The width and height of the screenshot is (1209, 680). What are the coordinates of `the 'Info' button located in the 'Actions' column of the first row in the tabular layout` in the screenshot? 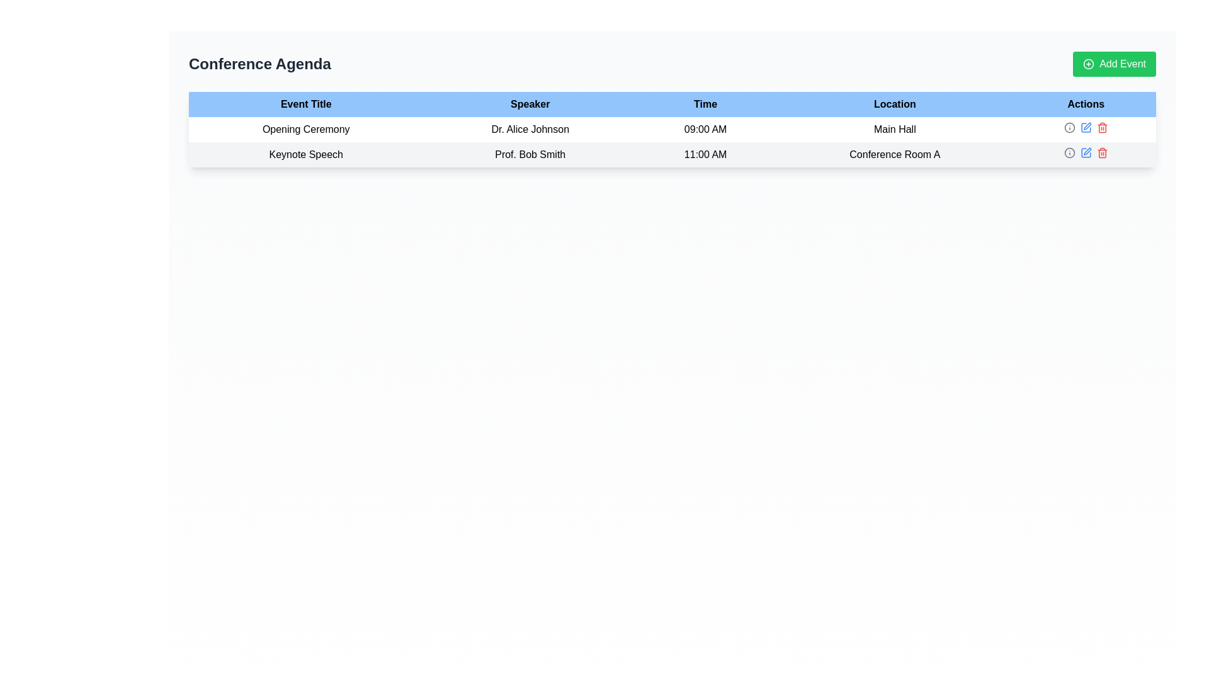 It's located at (1069, 128).